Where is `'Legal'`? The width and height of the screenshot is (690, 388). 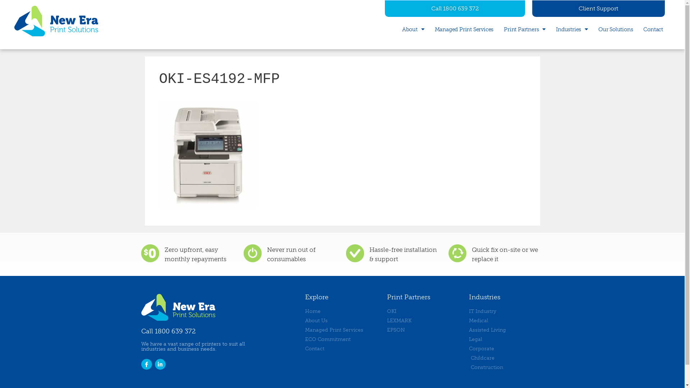 'Legal' is located at coordinates (469, 339).